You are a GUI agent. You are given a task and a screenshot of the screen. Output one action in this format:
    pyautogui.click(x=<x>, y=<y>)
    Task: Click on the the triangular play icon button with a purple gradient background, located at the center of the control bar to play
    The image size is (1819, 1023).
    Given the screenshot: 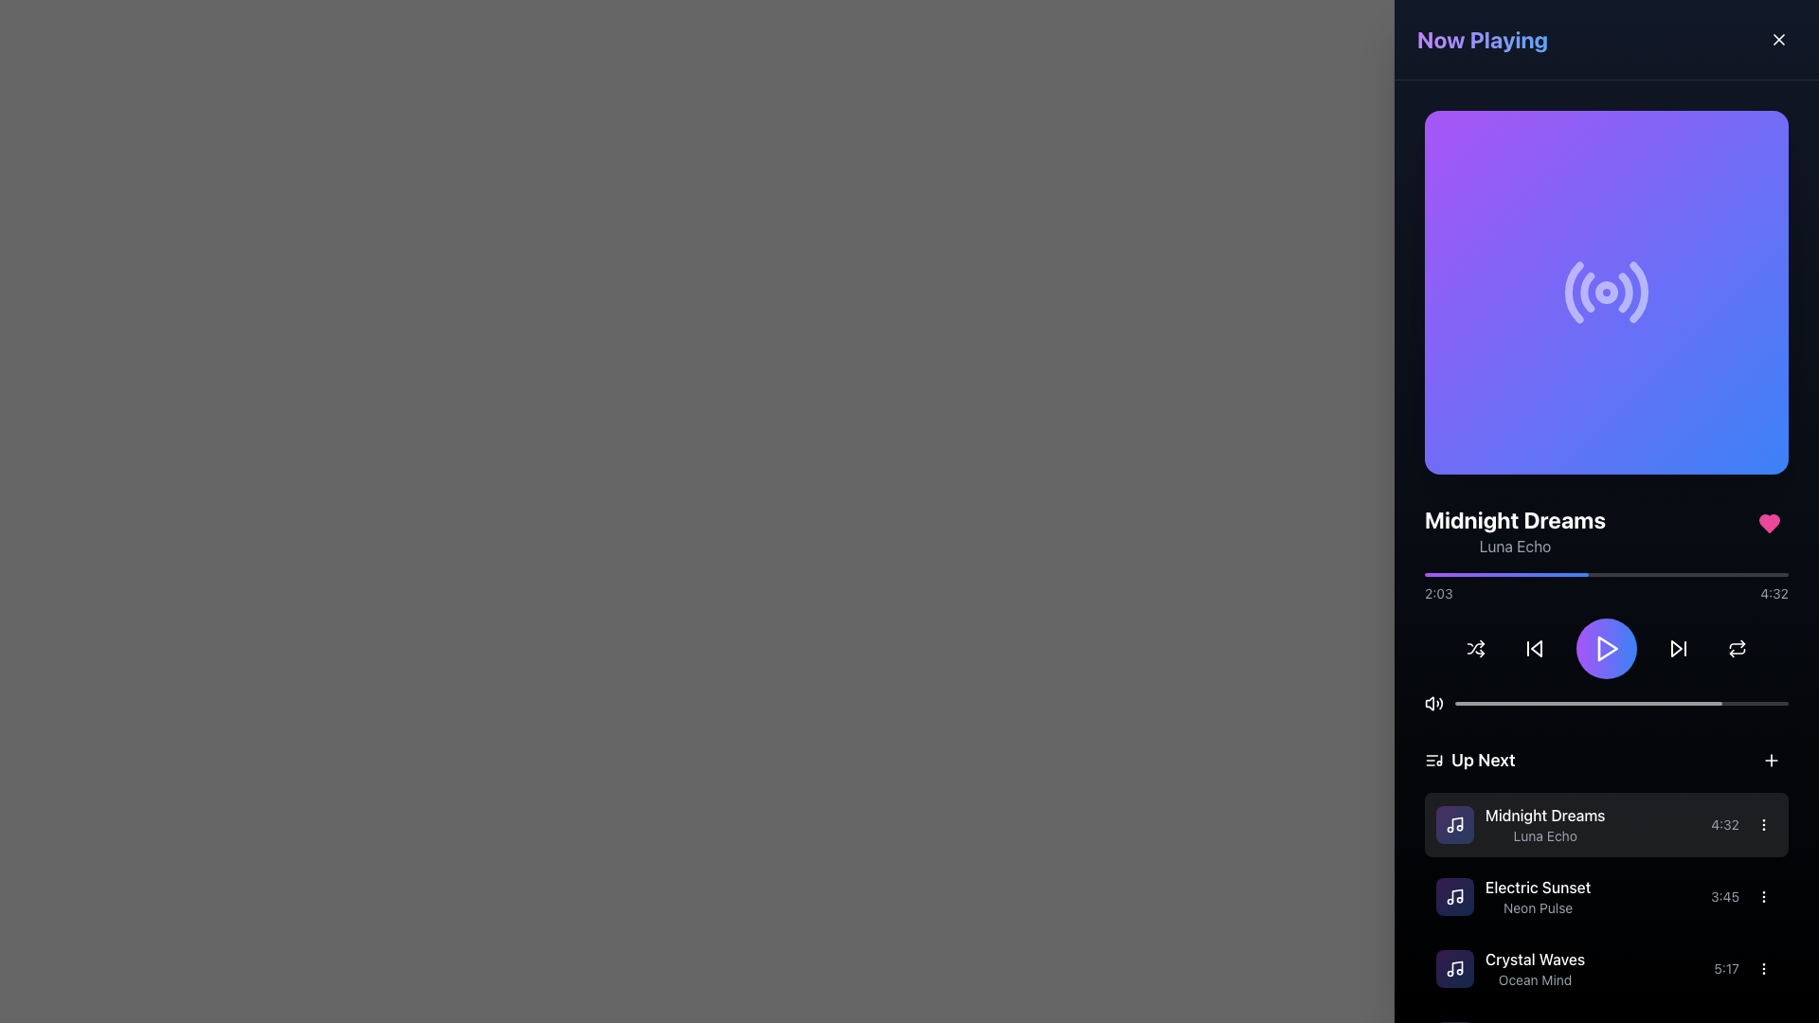 What is the action you would take?
    pyautogui.click(x=1605, y=648)
    